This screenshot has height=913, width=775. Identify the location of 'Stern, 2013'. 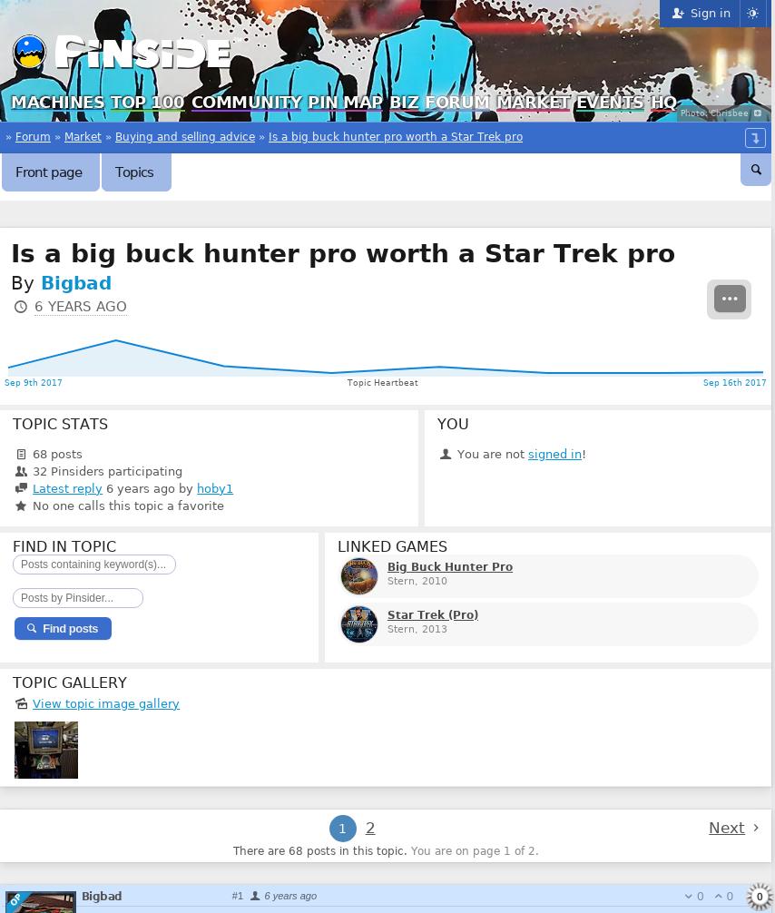
(417, 628).